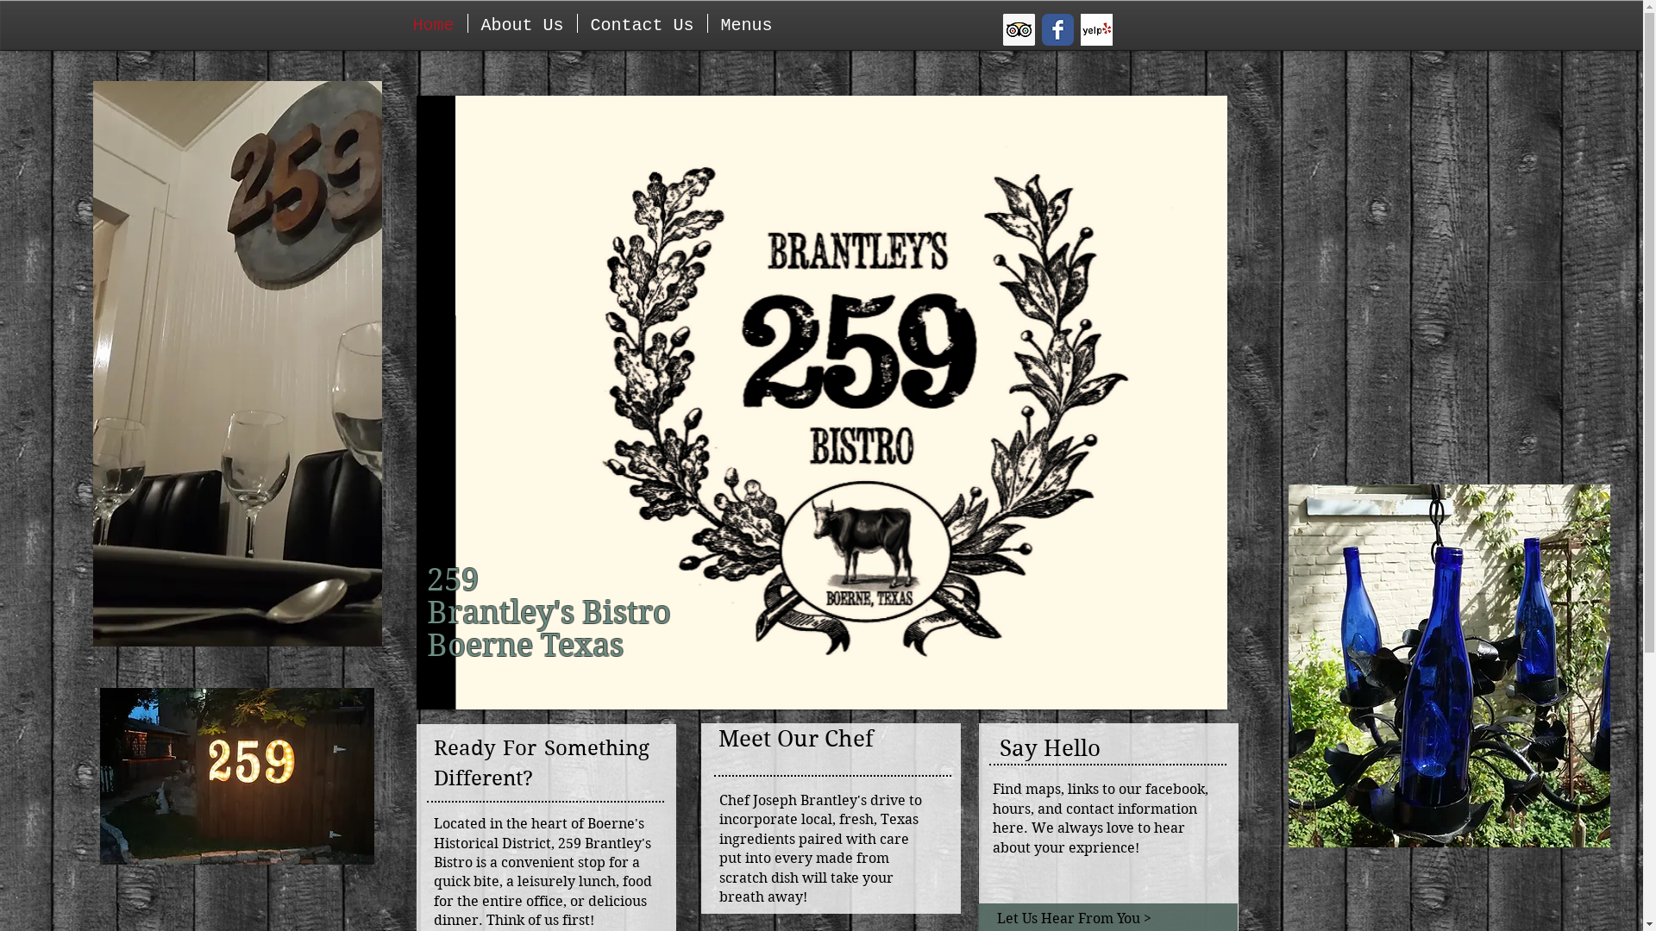 This screenshot has height=931, width=1656. I want to click on 'About Us', so click(520, 23).